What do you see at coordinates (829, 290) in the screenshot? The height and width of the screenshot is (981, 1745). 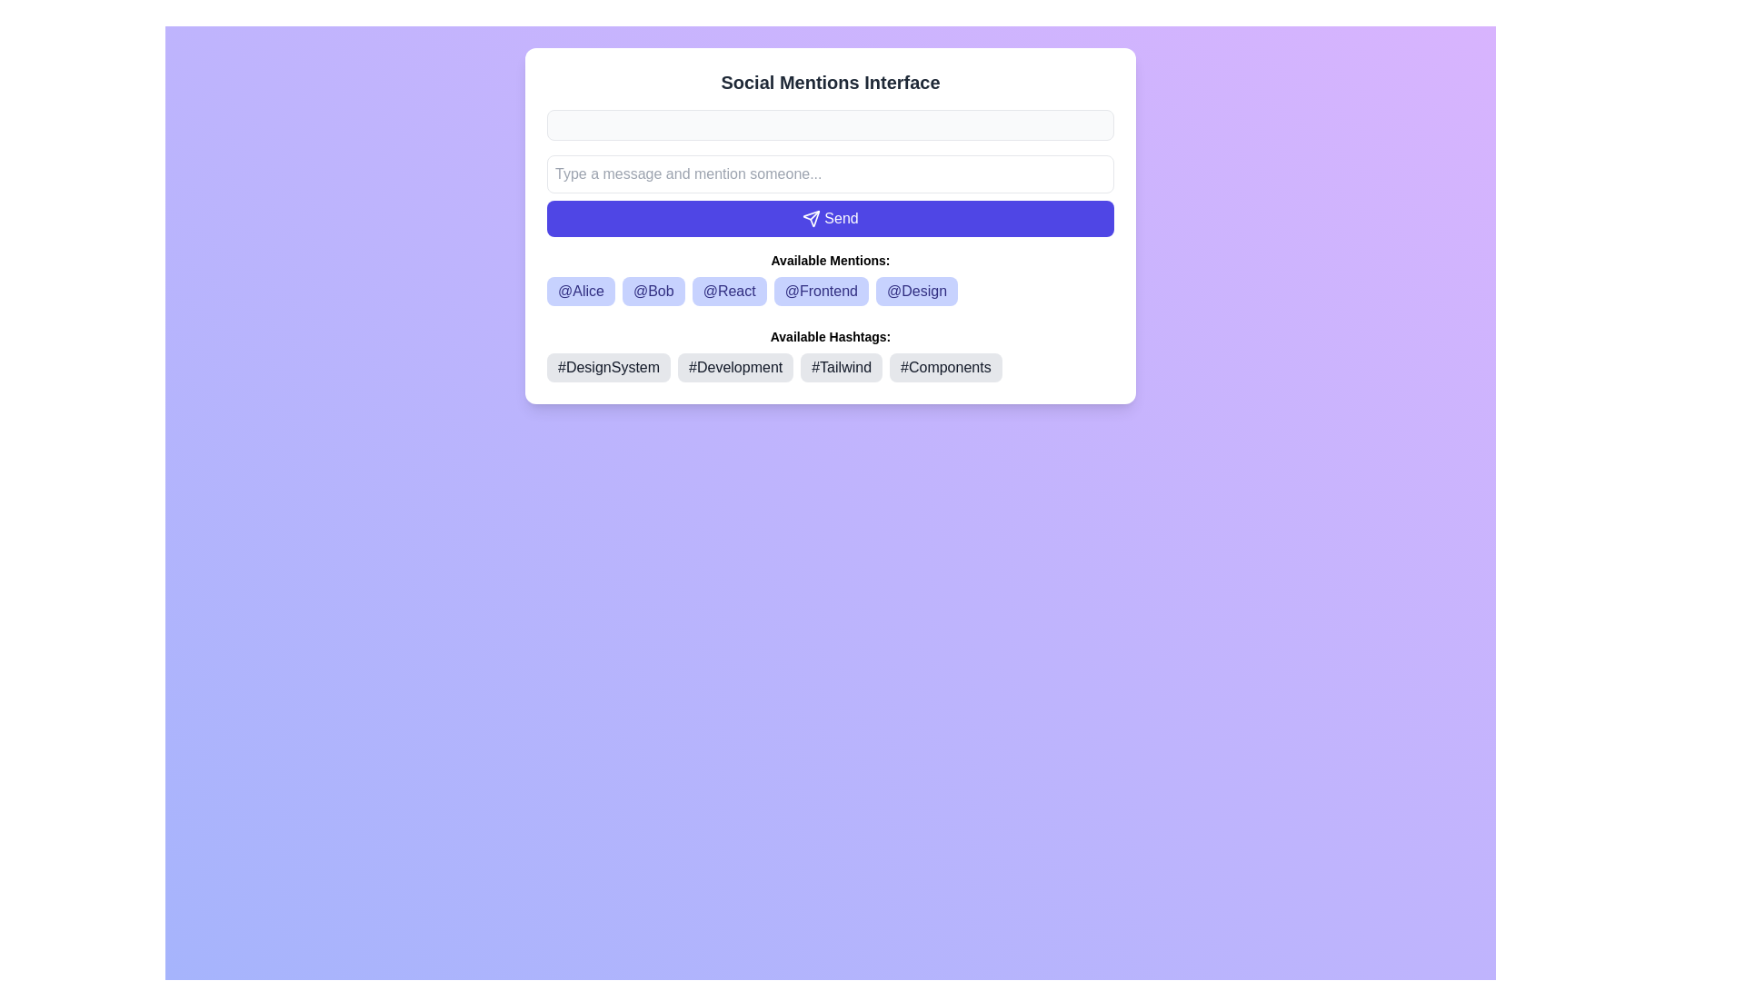 I see `text of the fourth mention tag in the 'Available Mentions' section, styled as a rounded rectangle with a light indigo background and indigo text, which is located below the 'Send' button and above the 'Available Hashtags' section` at bounding box center [829, 290].